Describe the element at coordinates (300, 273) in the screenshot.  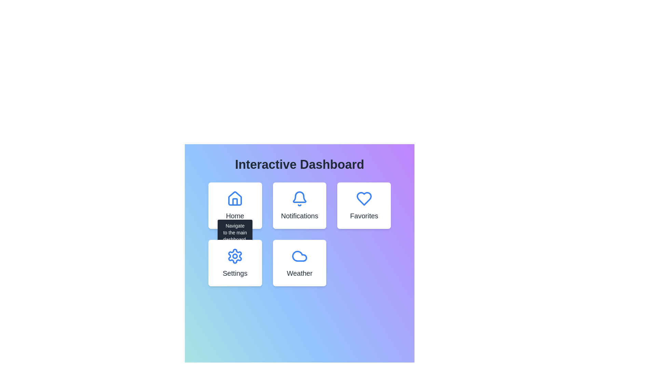
I see `text label 'Weather' which is styled in a larger, bold, and centered font located beneath the cloud icon in the bottom part of the card component` at that location.